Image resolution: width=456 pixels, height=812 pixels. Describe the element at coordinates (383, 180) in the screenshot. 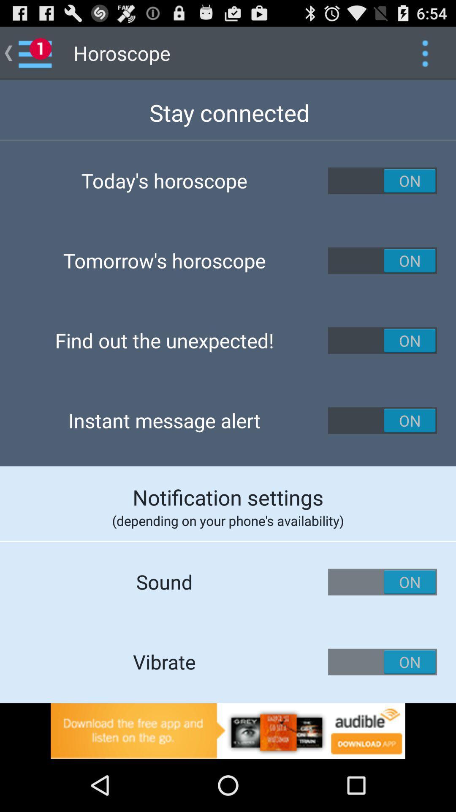

I see `switch on off option` at that location.